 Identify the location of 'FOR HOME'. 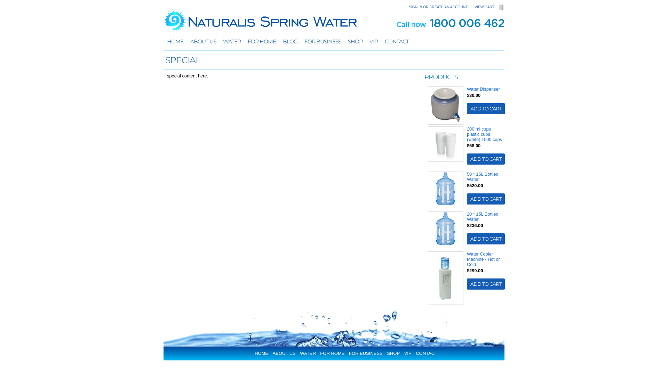
(261, 41).